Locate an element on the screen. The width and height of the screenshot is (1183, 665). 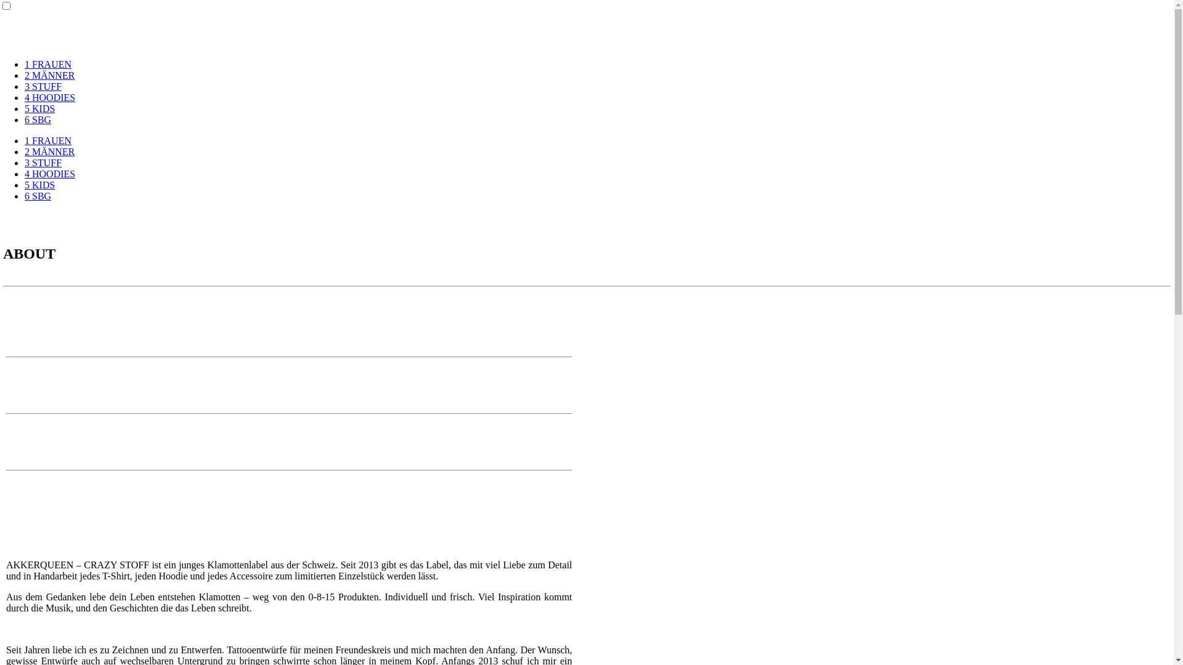
'5 KIDS' is located at coordinates (39, 108).